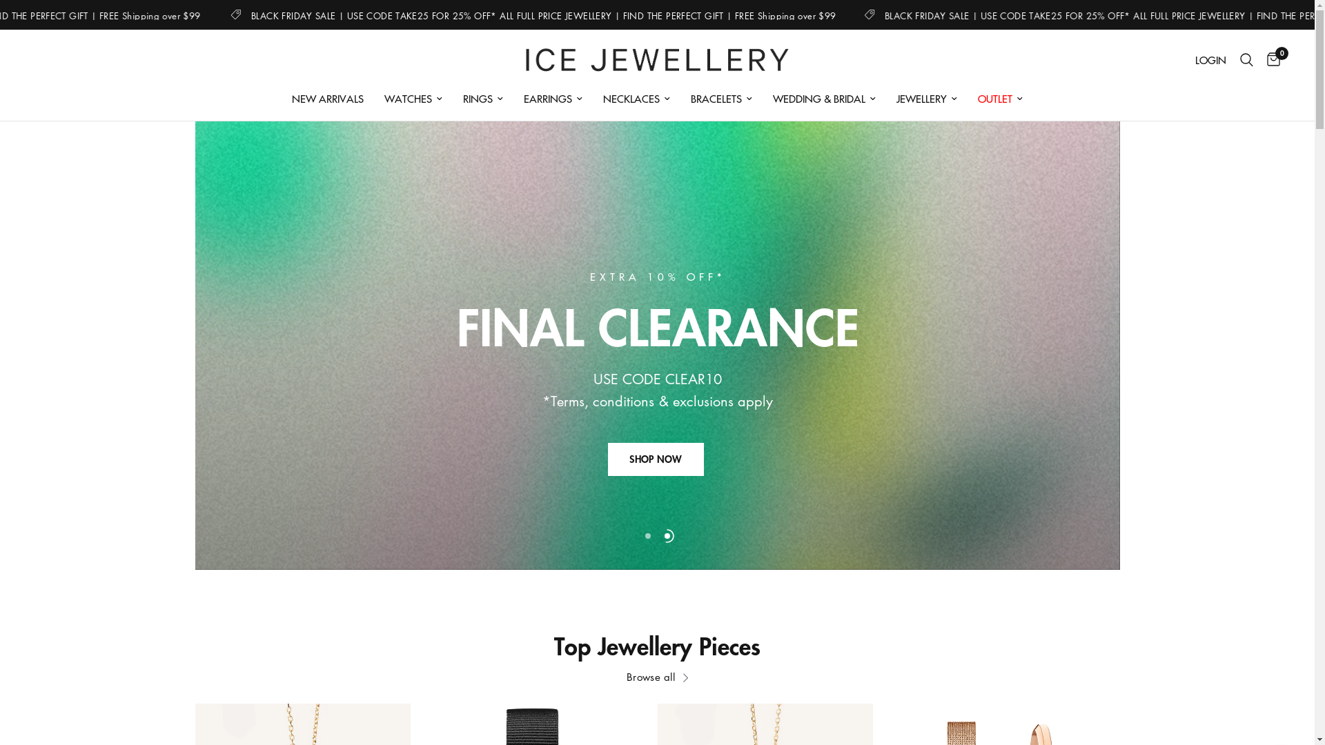 This screenshot has height=745, width=1325. Describe the element at coordinates (824, 97) in the screenshot. I see `'WEDDING & BRIDAL'` at that location.